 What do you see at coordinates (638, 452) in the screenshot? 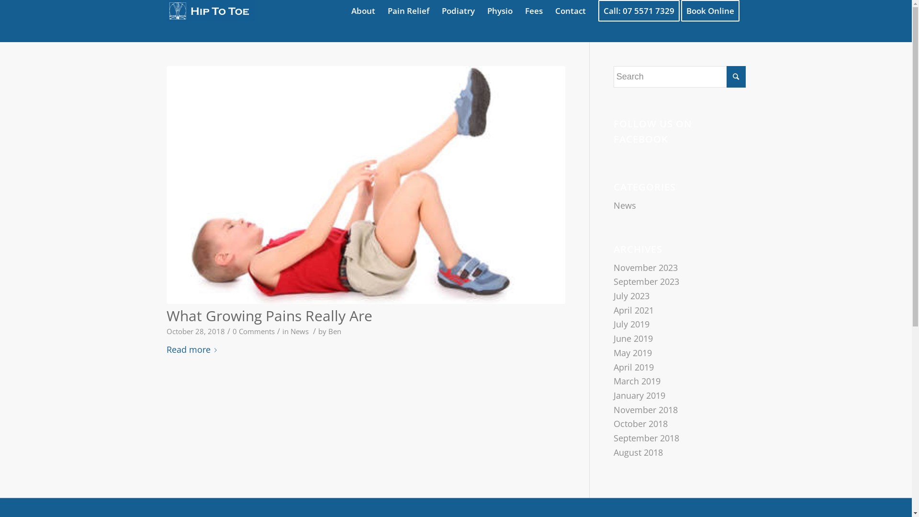
I see `'August 2018'` at bounding box center [638, 452].